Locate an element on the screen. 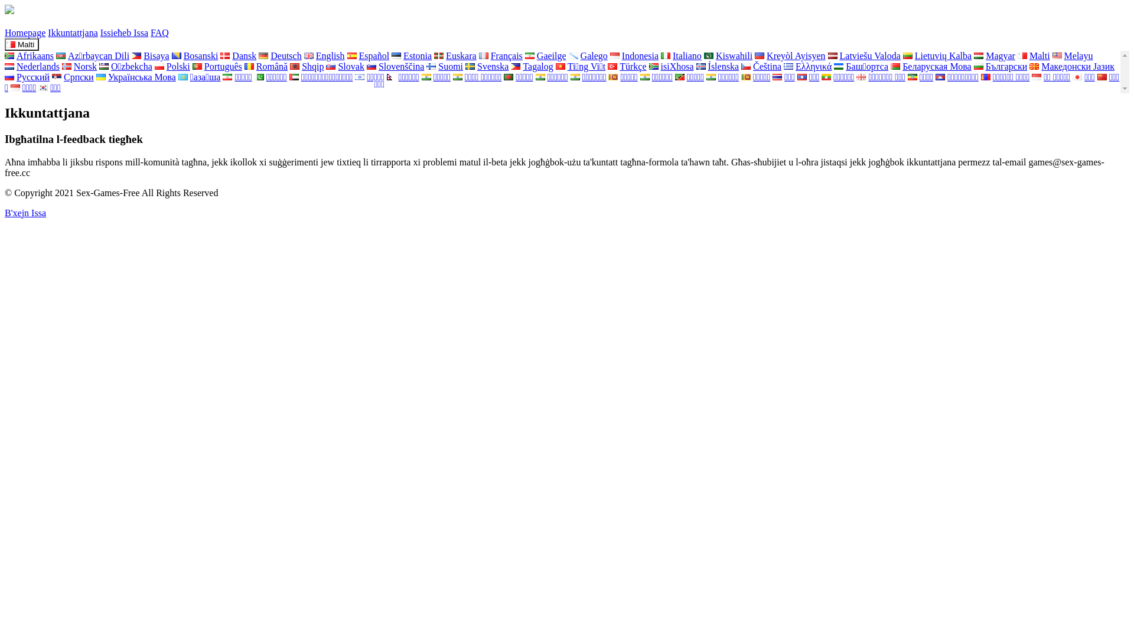  'Indonesia' is located at coordinates (634, 56).